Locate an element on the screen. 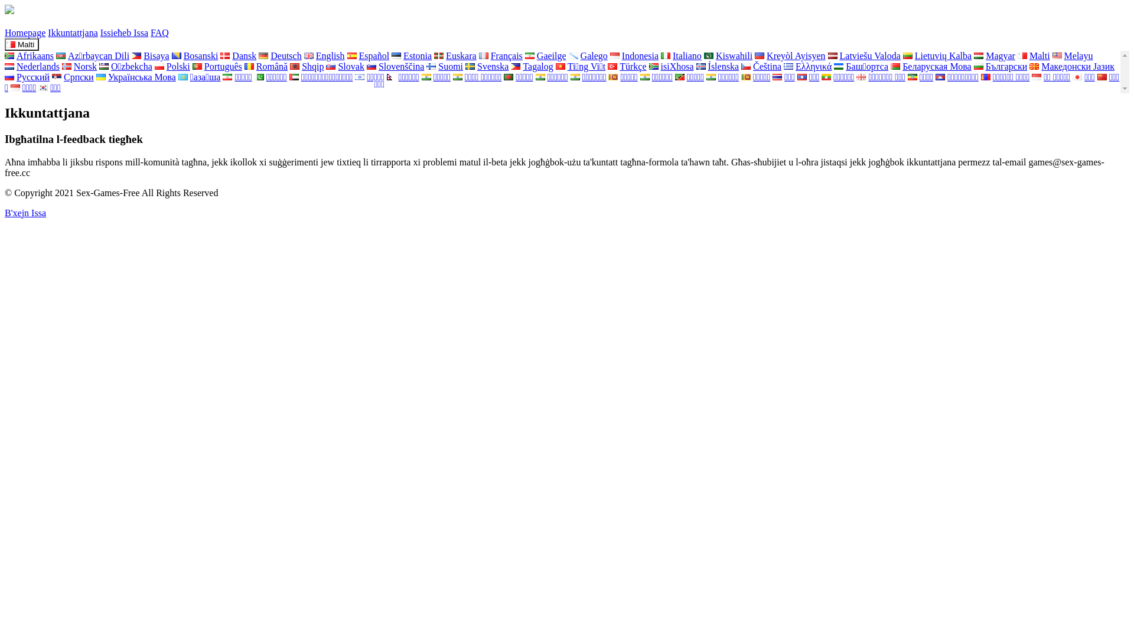  'Indonesia' is located at coordinates (634, 56).